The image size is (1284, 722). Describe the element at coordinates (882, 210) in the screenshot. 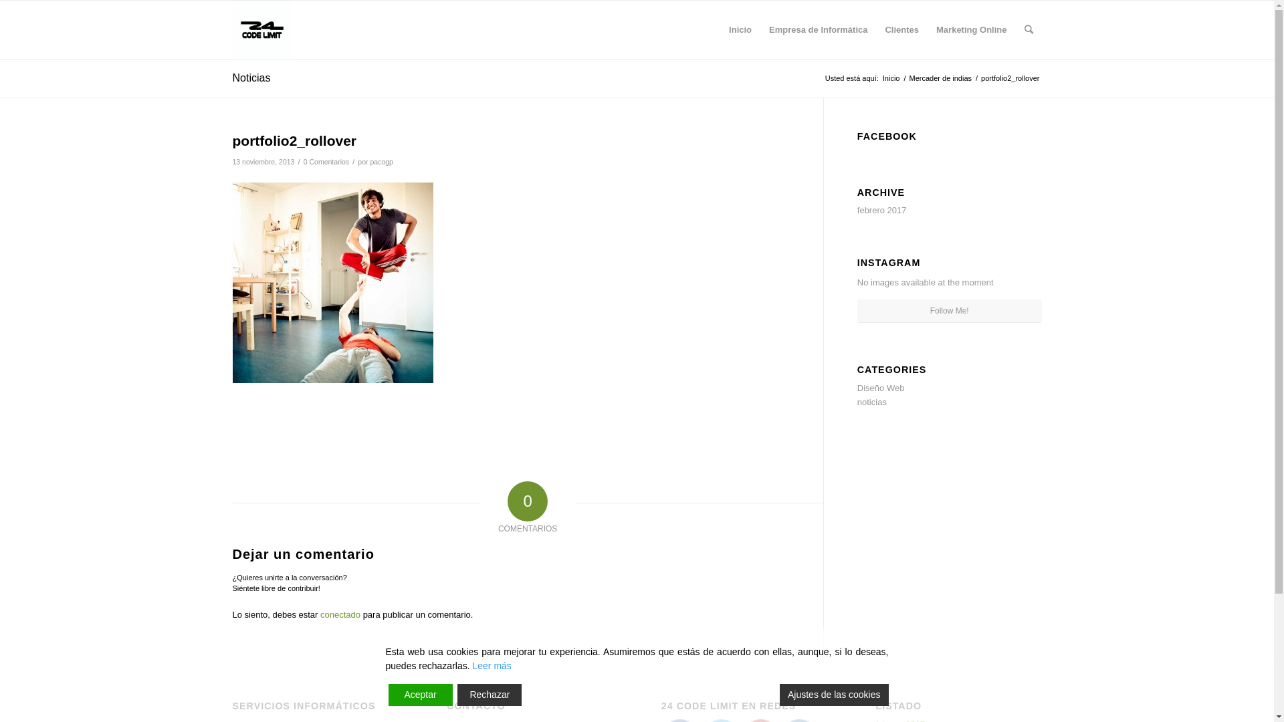

I see `'febrero 2017'` at that location.